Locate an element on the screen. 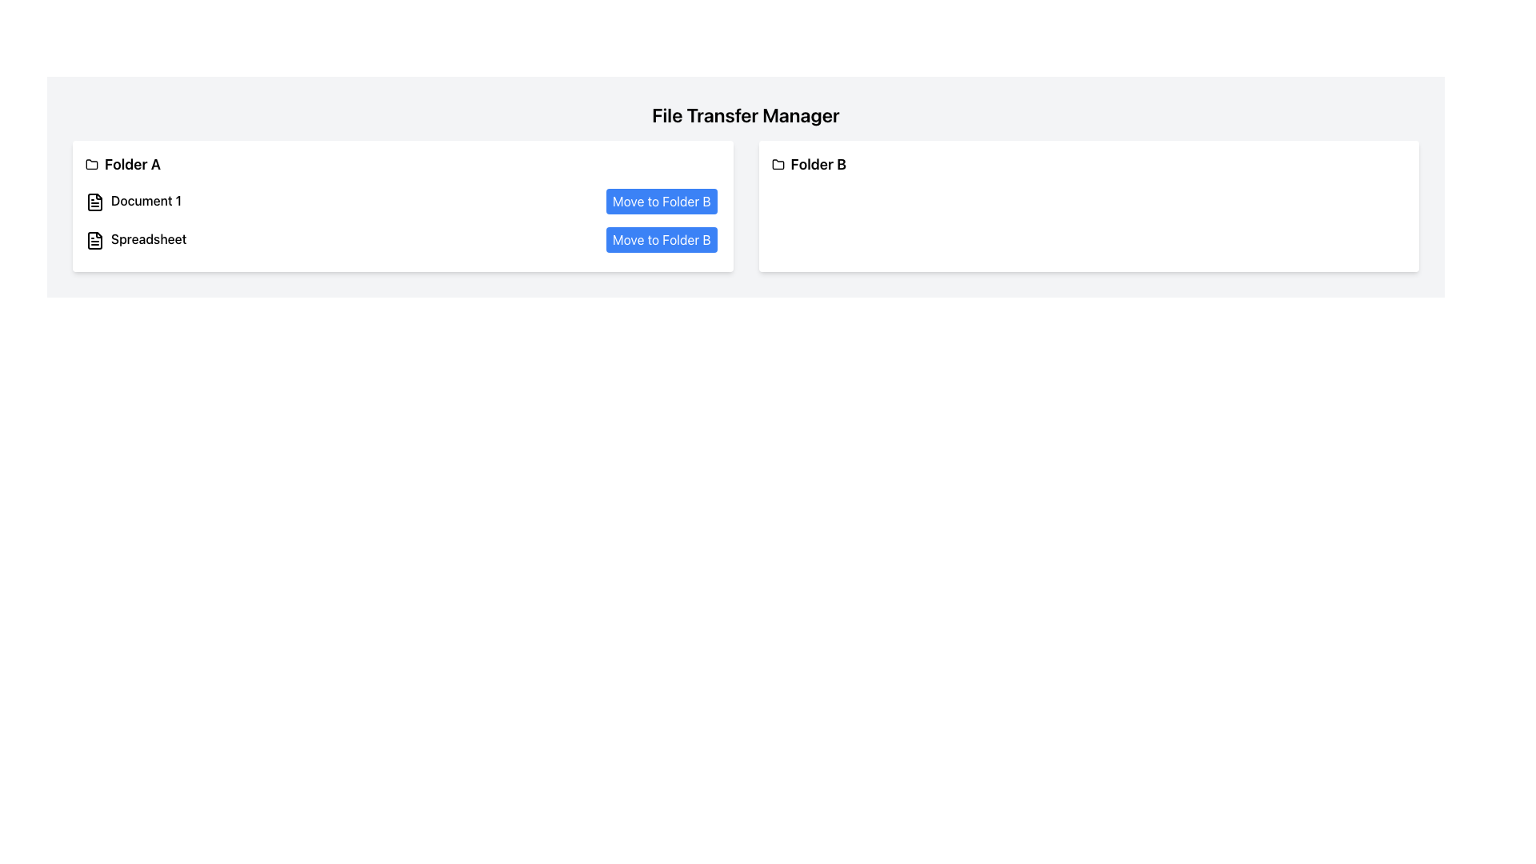 This screenshot has height=864, width=1536. the icon that identifies 'Folder A', which is located at the top of the list within the left card of the layout is located at coordinates (91, 163).